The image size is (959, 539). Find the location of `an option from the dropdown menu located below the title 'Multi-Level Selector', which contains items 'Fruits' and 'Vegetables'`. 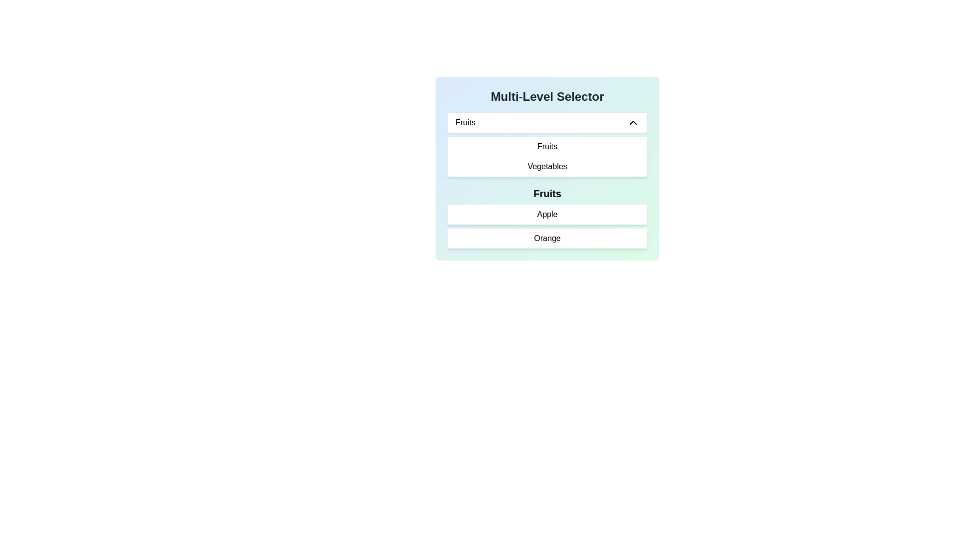

an option from the dropdown menu located below the title 'Multi-Level Selector', which contains items 'Fruits' and 'Vegetables' is located at coordinates (546, 144).